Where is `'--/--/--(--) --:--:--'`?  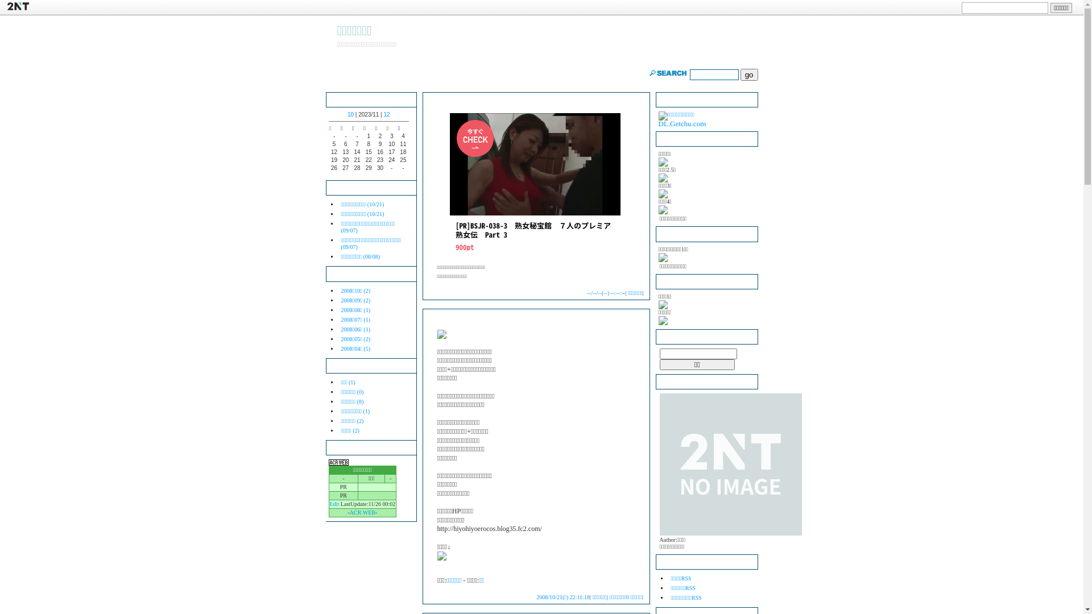
'--/--/--(--) --:--:--' is located at coordinates (605, 292).